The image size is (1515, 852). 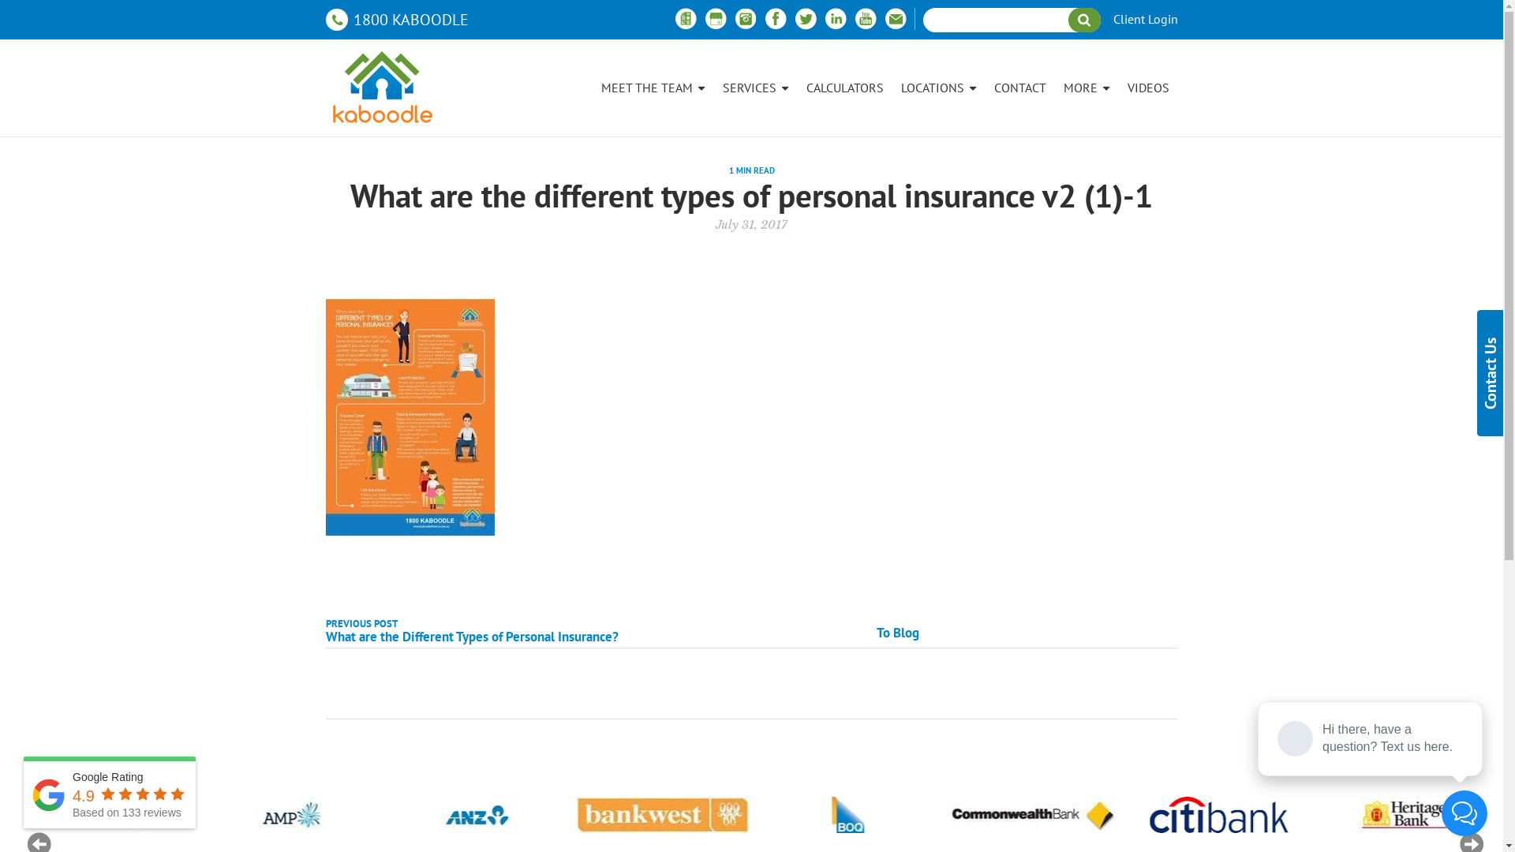 What do you see at coordinates (660, 815) in the screenshot?
I see `'Logo 05'` at bounding box center [660, 815].